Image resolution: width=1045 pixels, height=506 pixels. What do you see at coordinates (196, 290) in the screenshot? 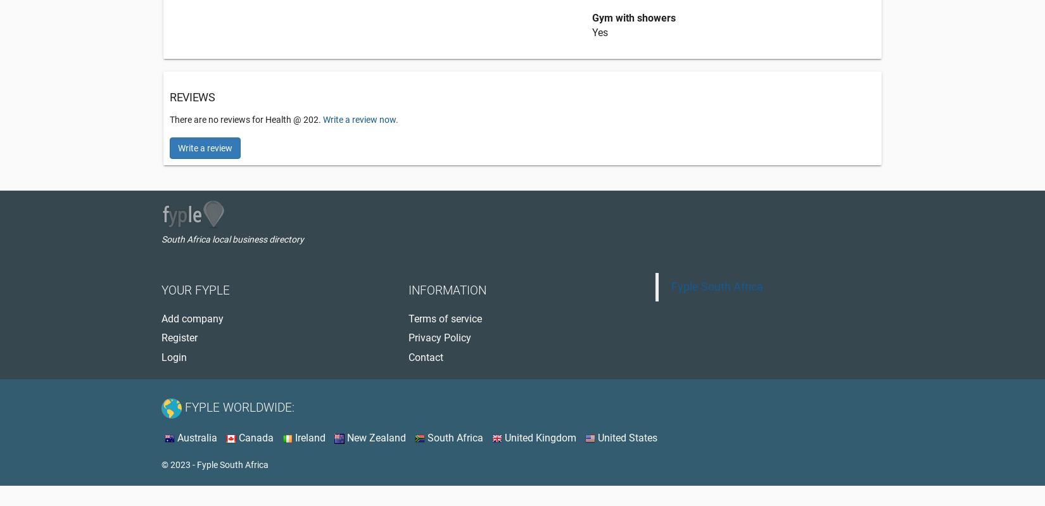
I see `'Your Fyple'` at bounding box center [196, 290].